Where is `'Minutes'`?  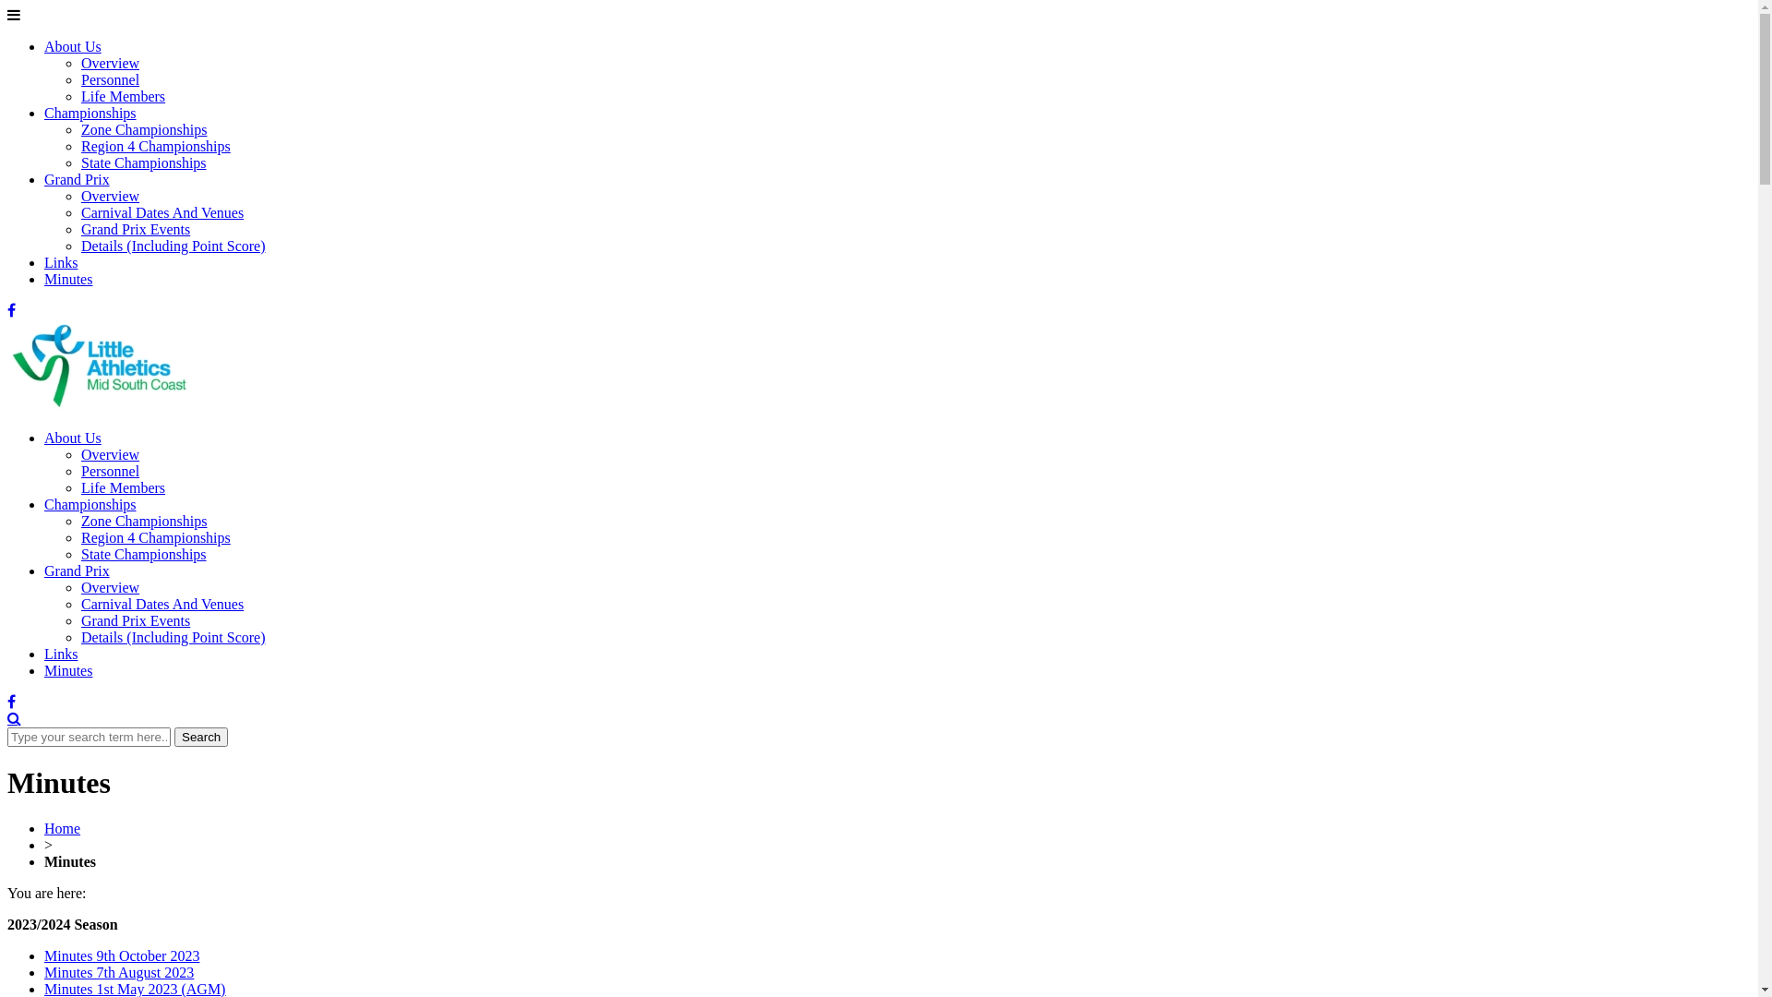 'Minutes' is located at coordinates (67, 670).